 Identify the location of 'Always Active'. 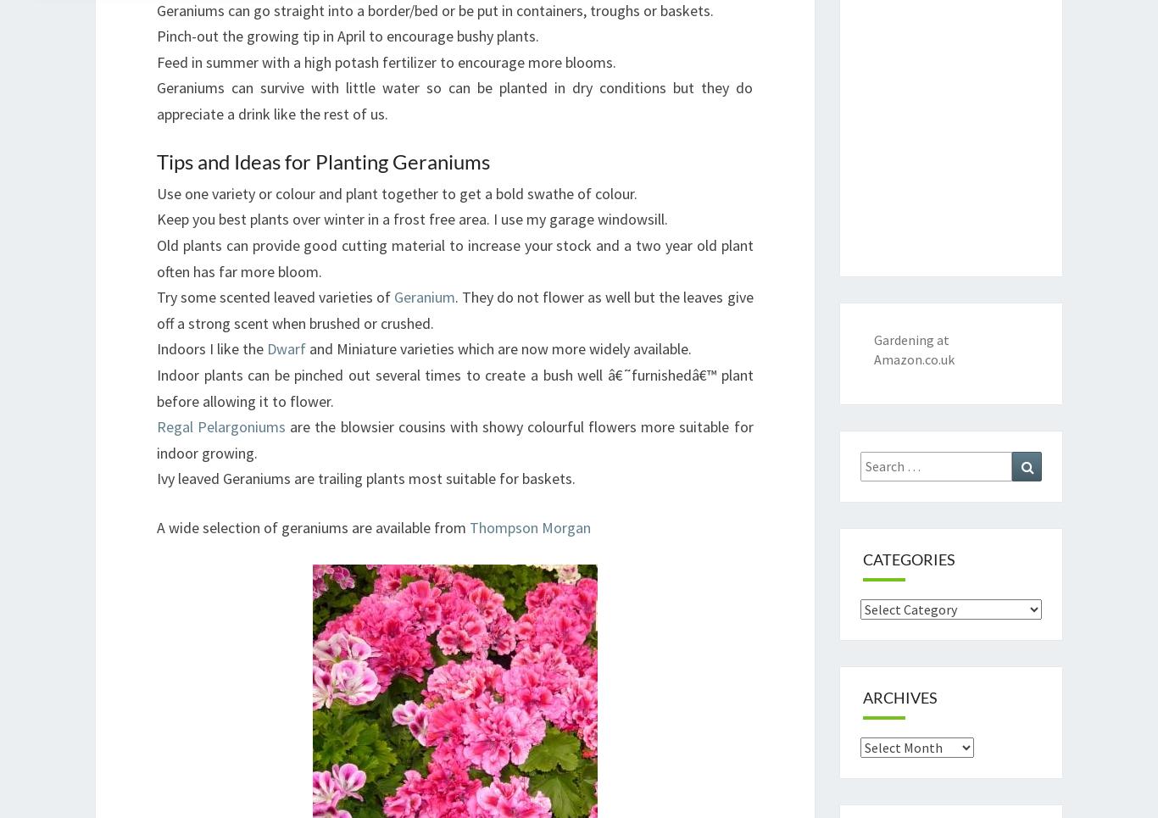
(301, 474).